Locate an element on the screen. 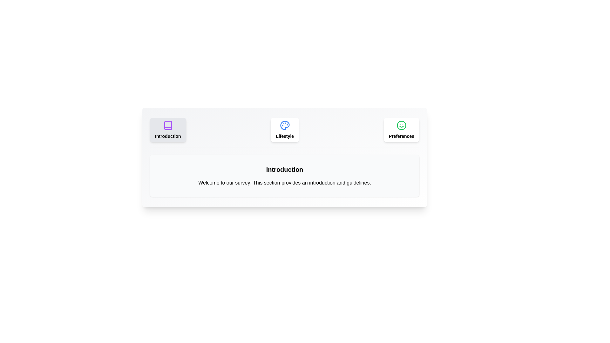 The image size is (610, 343). the section button corresponding to Lifestyle to navigate to the respective survey section is located at coordinates (284, 129).